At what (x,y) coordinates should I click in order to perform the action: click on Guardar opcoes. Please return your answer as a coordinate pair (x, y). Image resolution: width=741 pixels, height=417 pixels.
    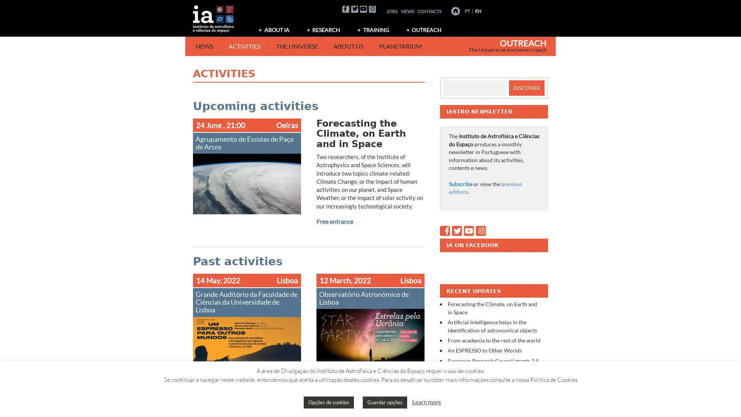
    Looking at the image, I should click on (385, 402).